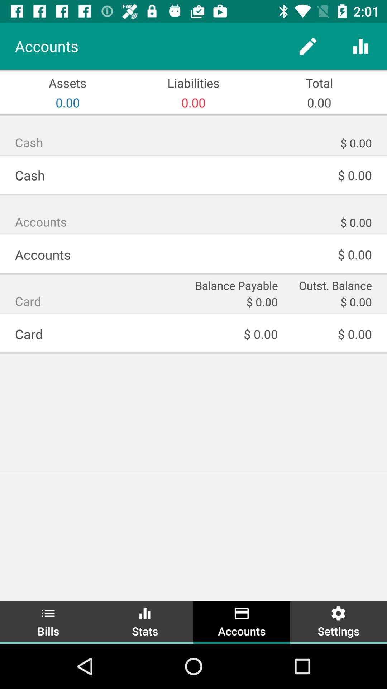 This screenshot has width=387, height=689. I want to click on item next to the accounts, so click(145, 621).